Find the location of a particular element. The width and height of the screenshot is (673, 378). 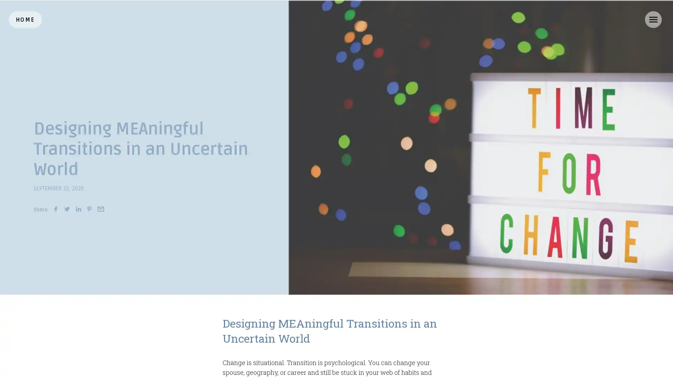

HOME is located at coordinates (25, 19).